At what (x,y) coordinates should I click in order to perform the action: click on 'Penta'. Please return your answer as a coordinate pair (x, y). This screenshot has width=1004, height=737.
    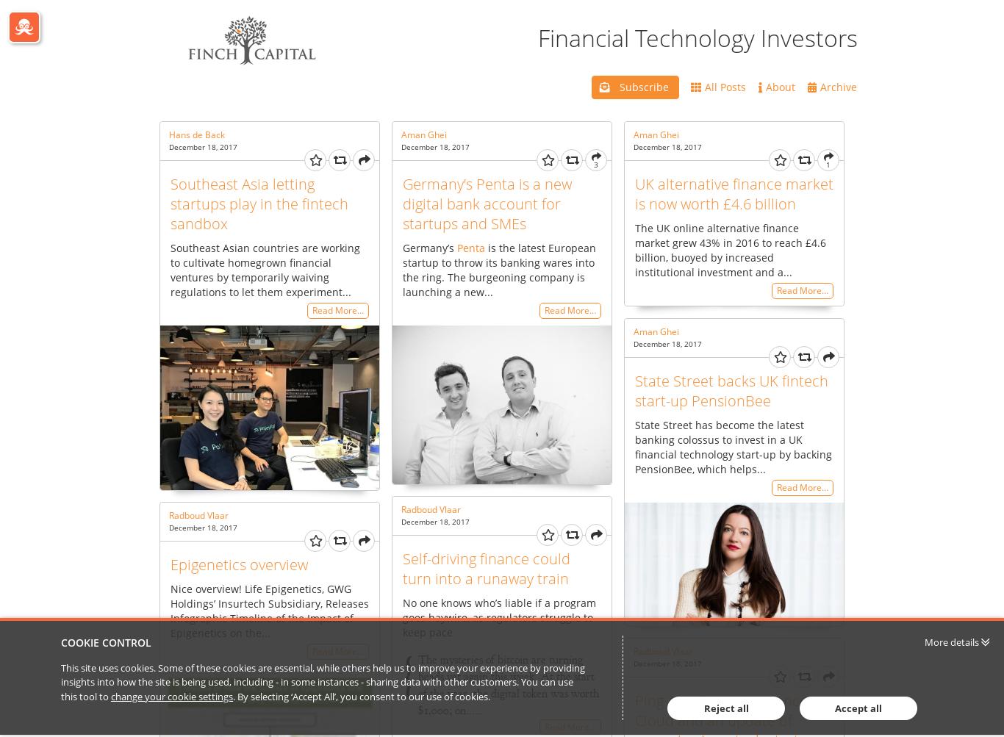
    Looking at the image, I should click on (470, 246).